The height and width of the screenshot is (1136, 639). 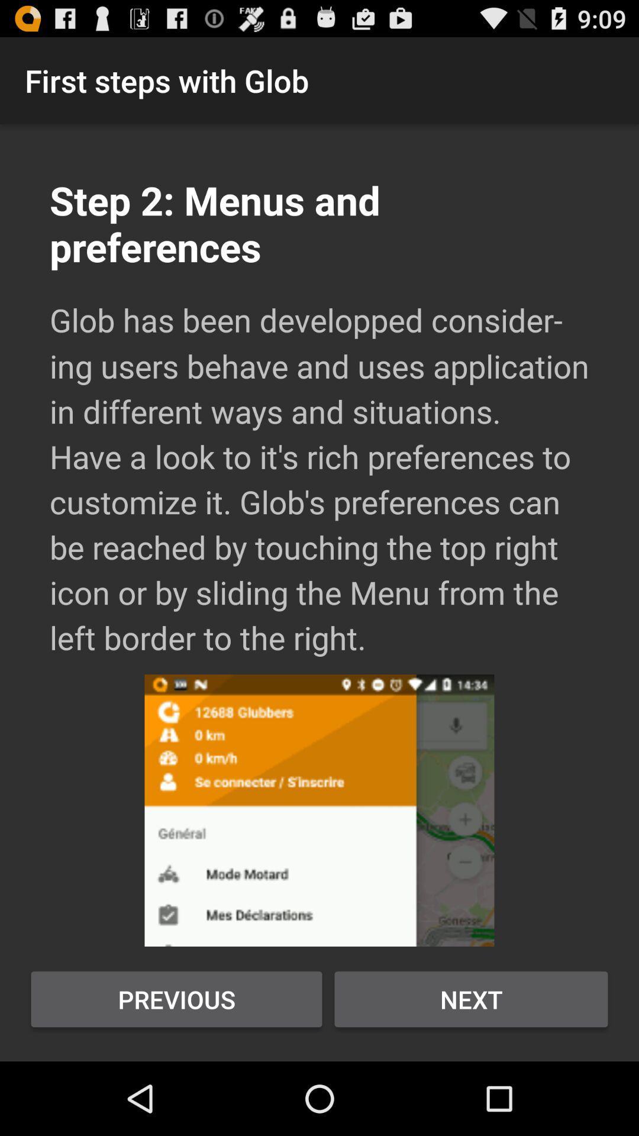 What do you see at coordinates (176, 999) in the screenshot?
I see `icon to the left of the next item` at bounding box center [176, 999].